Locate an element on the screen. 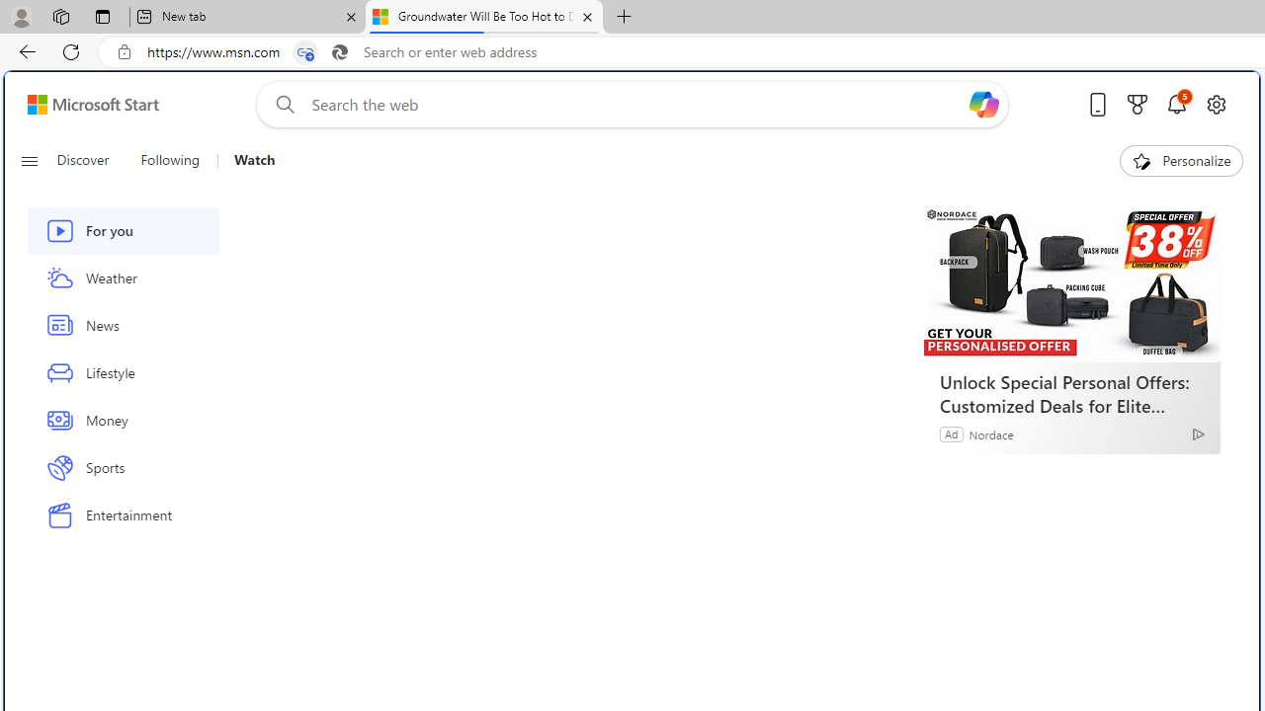 This screenshot has height=711, width=1265. 'Notifications' is located at coordinates (1177, 104).